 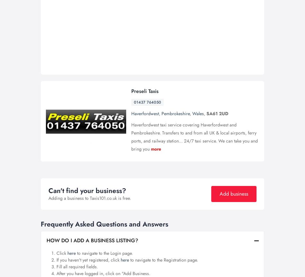 What do you see at coordinates (200, 19) in the screenshot?
I see `'Login'` at bounding box center [200, 19].